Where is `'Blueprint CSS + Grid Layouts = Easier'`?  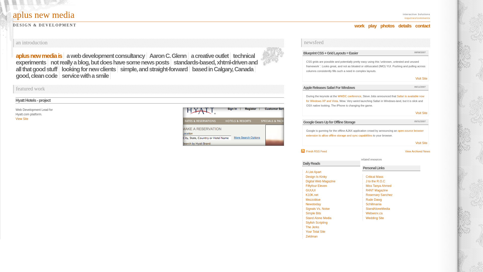
'Blueprint CSS + Grid Layouts = Easier' is located at coordinates (331, 53).